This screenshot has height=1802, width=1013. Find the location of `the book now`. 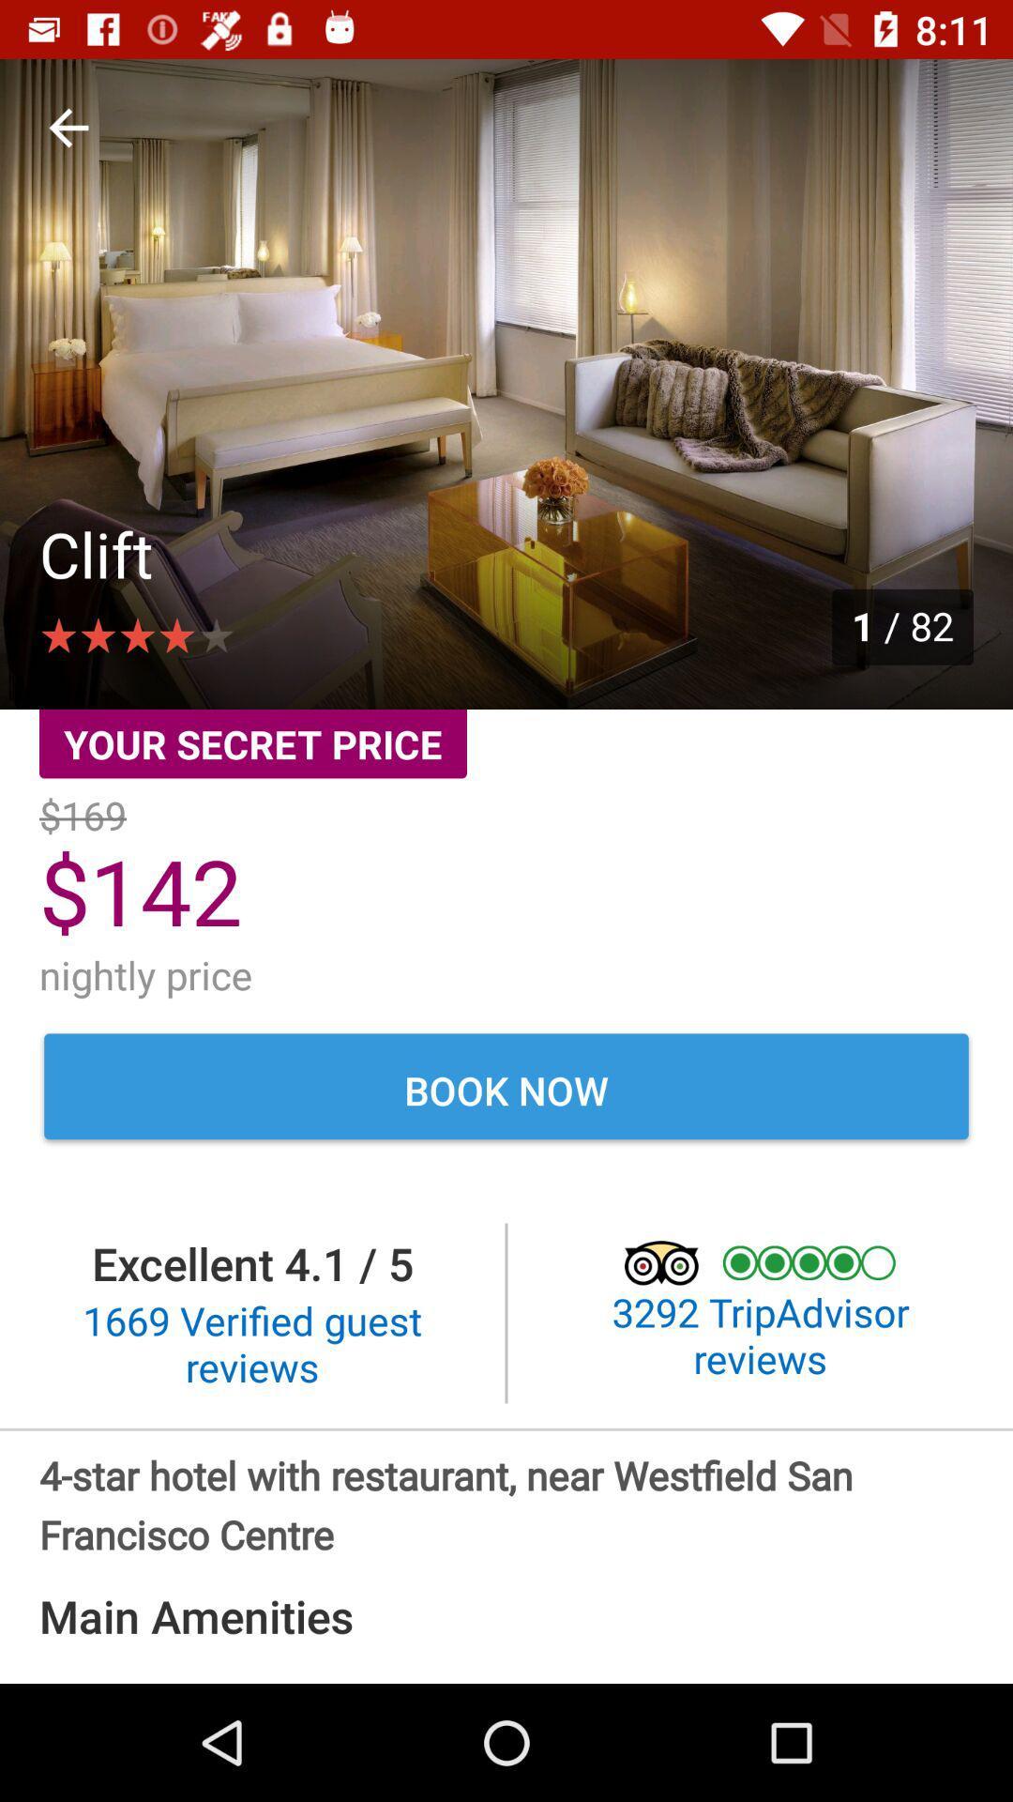

the book now is located at coordinates (506, 1090).